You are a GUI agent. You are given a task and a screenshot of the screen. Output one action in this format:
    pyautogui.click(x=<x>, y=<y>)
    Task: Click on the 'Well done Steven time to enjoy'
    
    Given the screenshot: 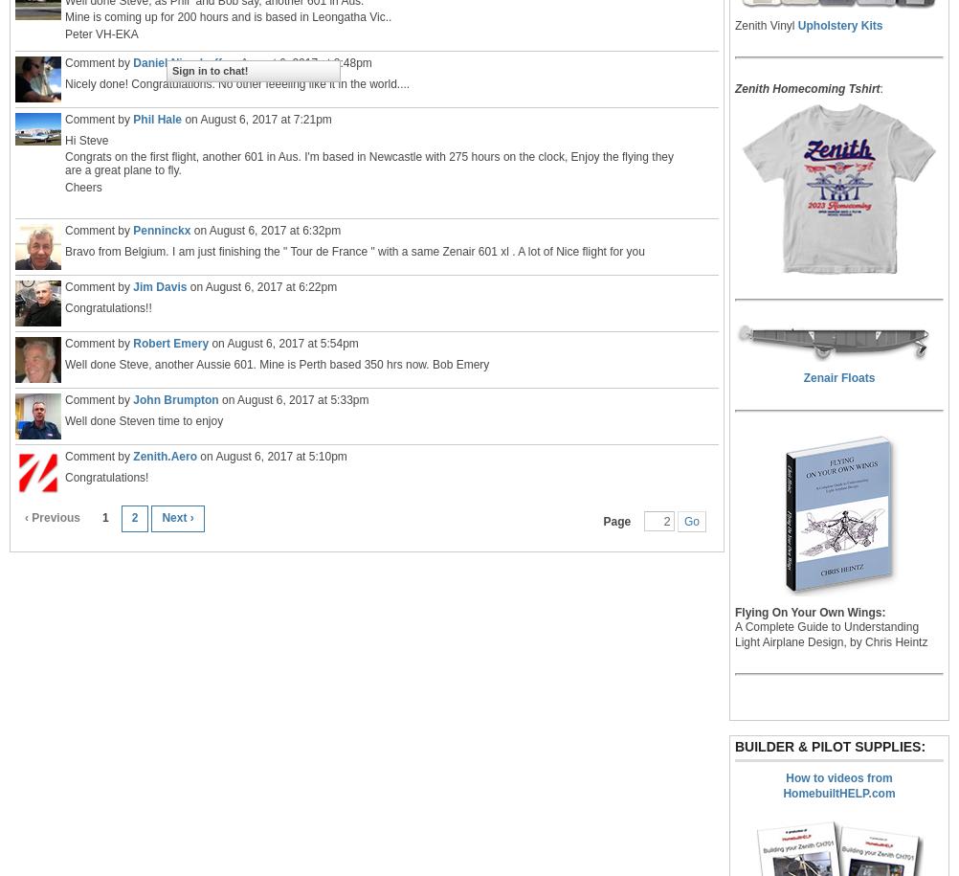 What is the action you would take?
    pyautogui.click(x=143, y=420)
    